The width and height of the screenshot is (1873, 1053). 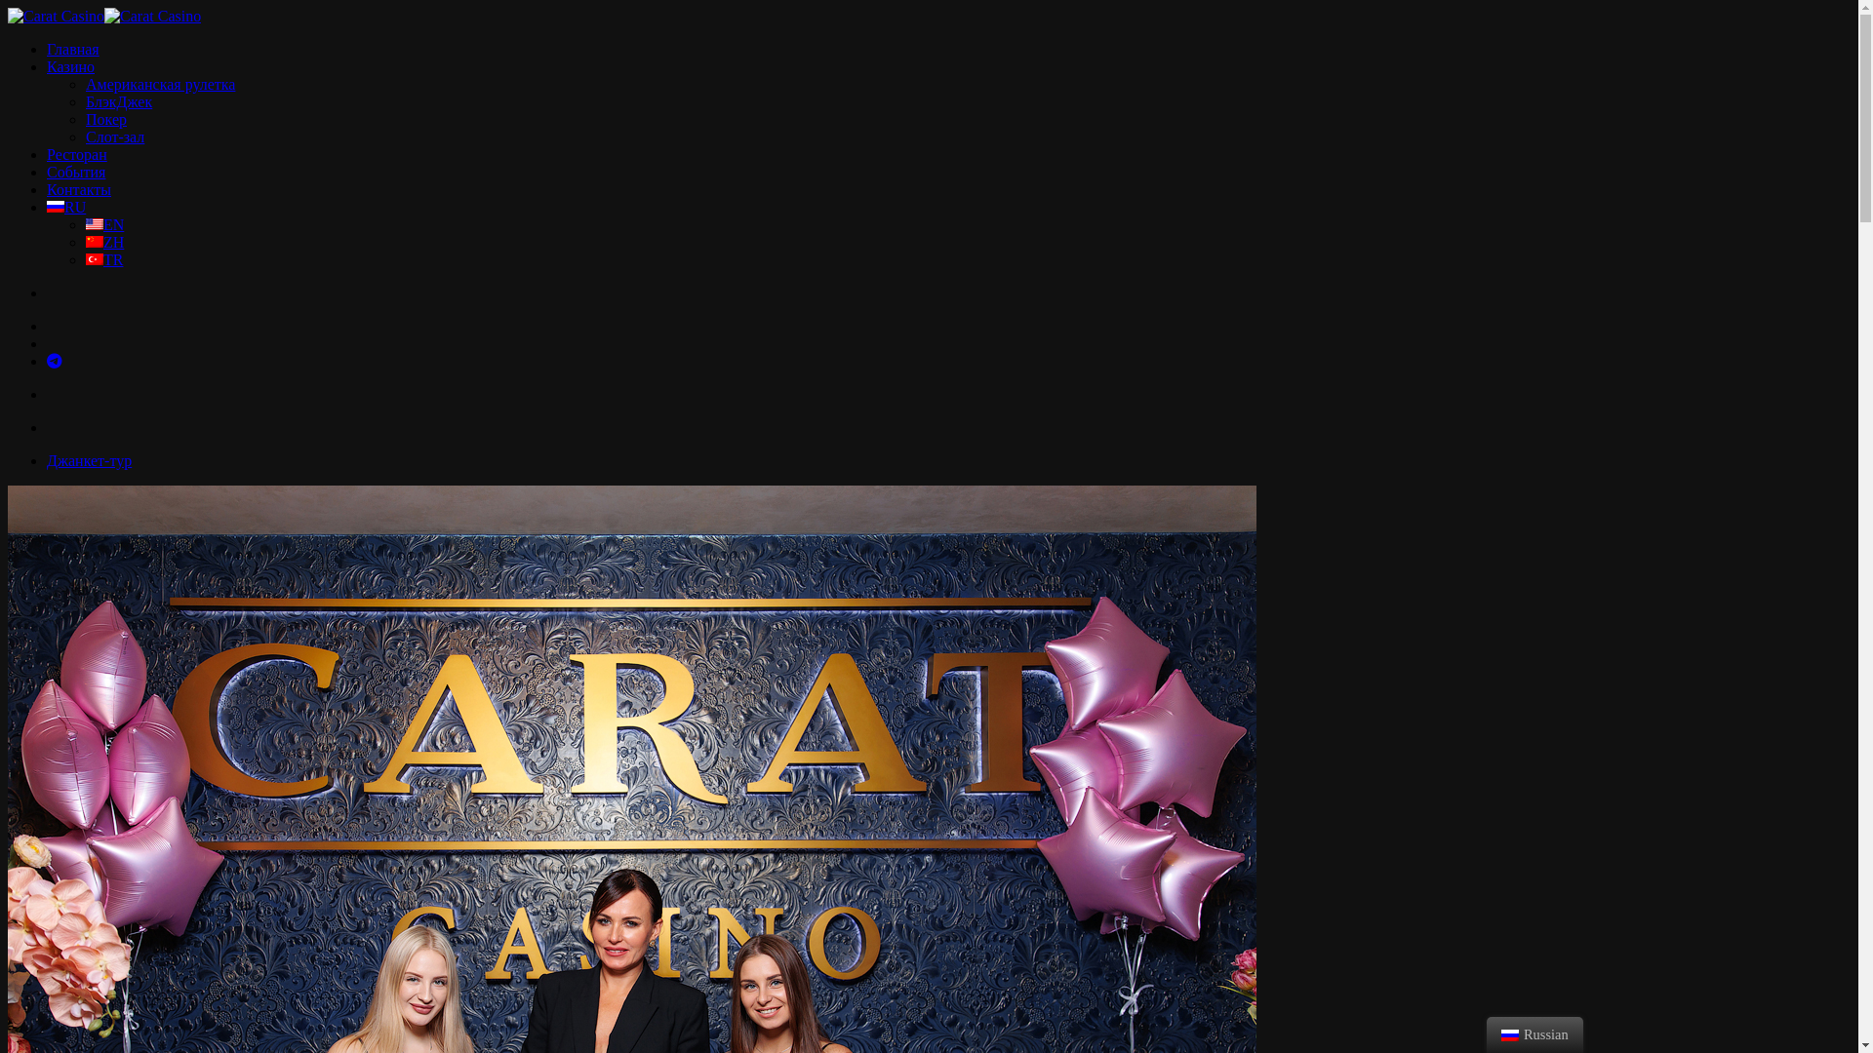 I want to click on 'Turkish', so click(x=93, y=258).